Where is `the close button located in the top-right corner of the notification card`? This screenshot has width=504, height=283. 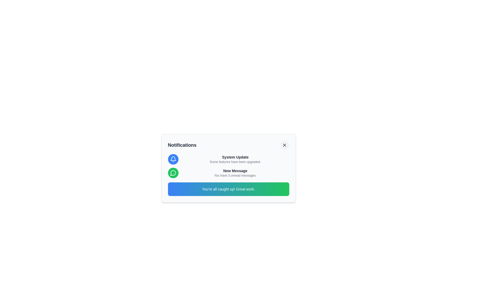
the close button located in the top-right corner of the notification card is located at coordinates (284, 145).